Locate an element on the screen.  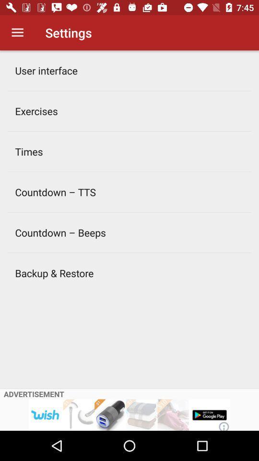
announcement is located at coordinates (129, 414).